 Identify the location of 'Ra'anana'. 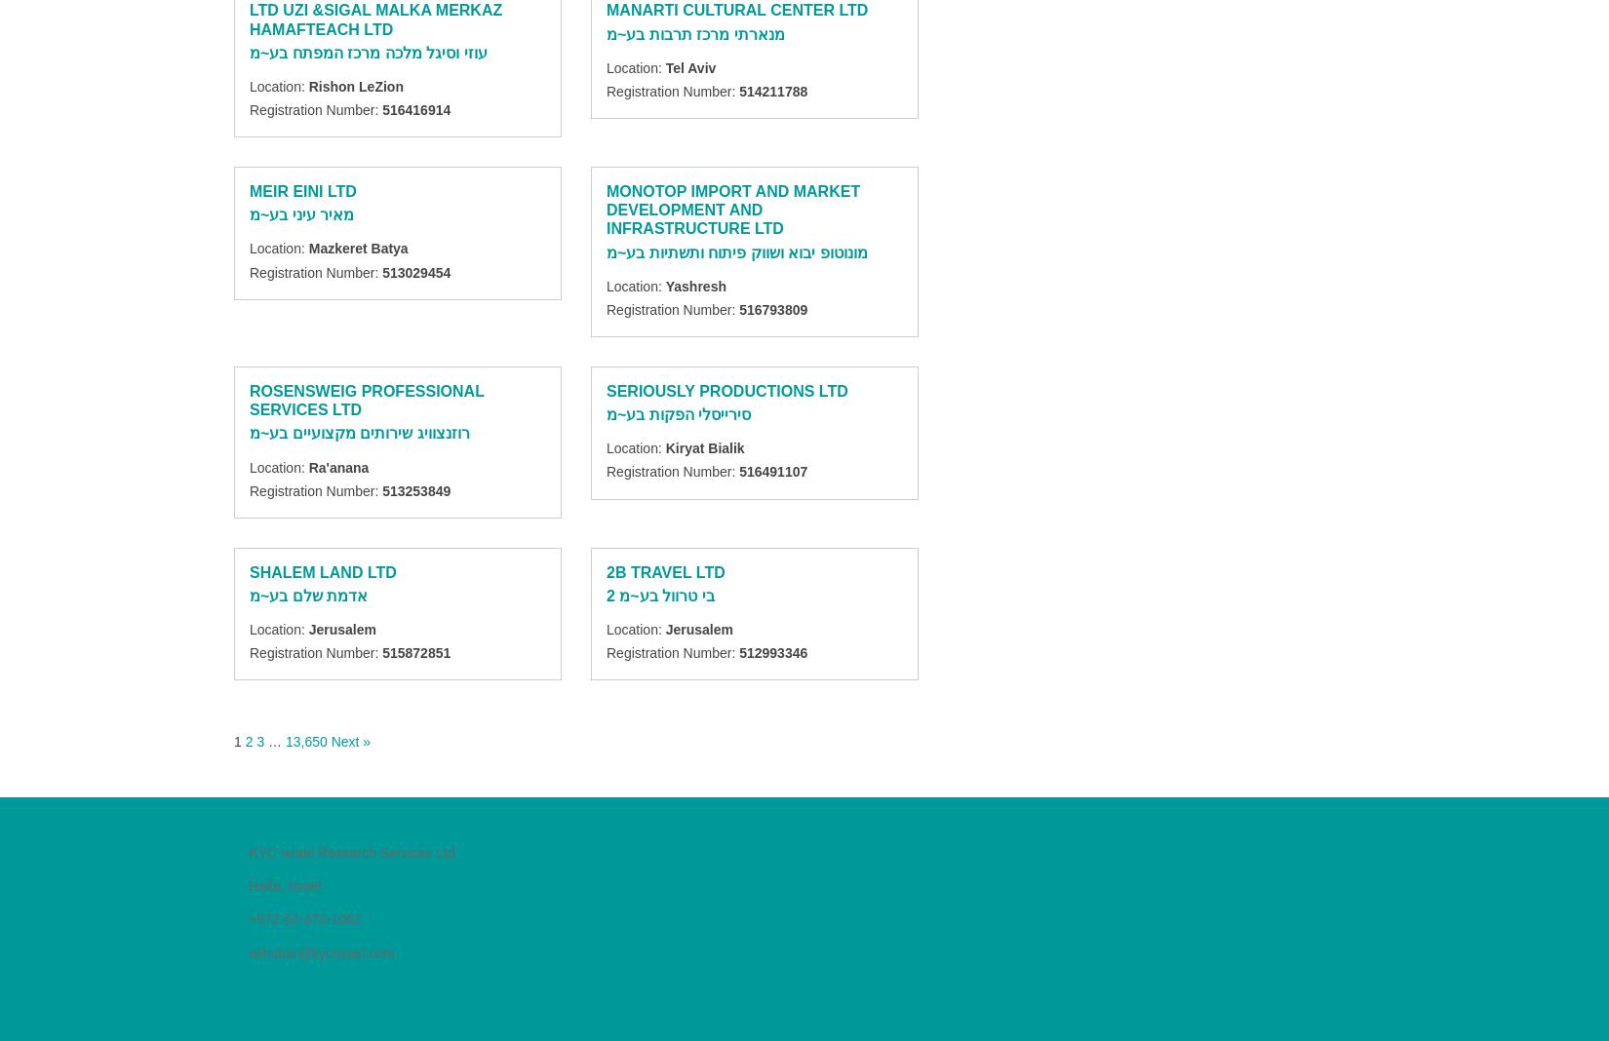
(337, 466).